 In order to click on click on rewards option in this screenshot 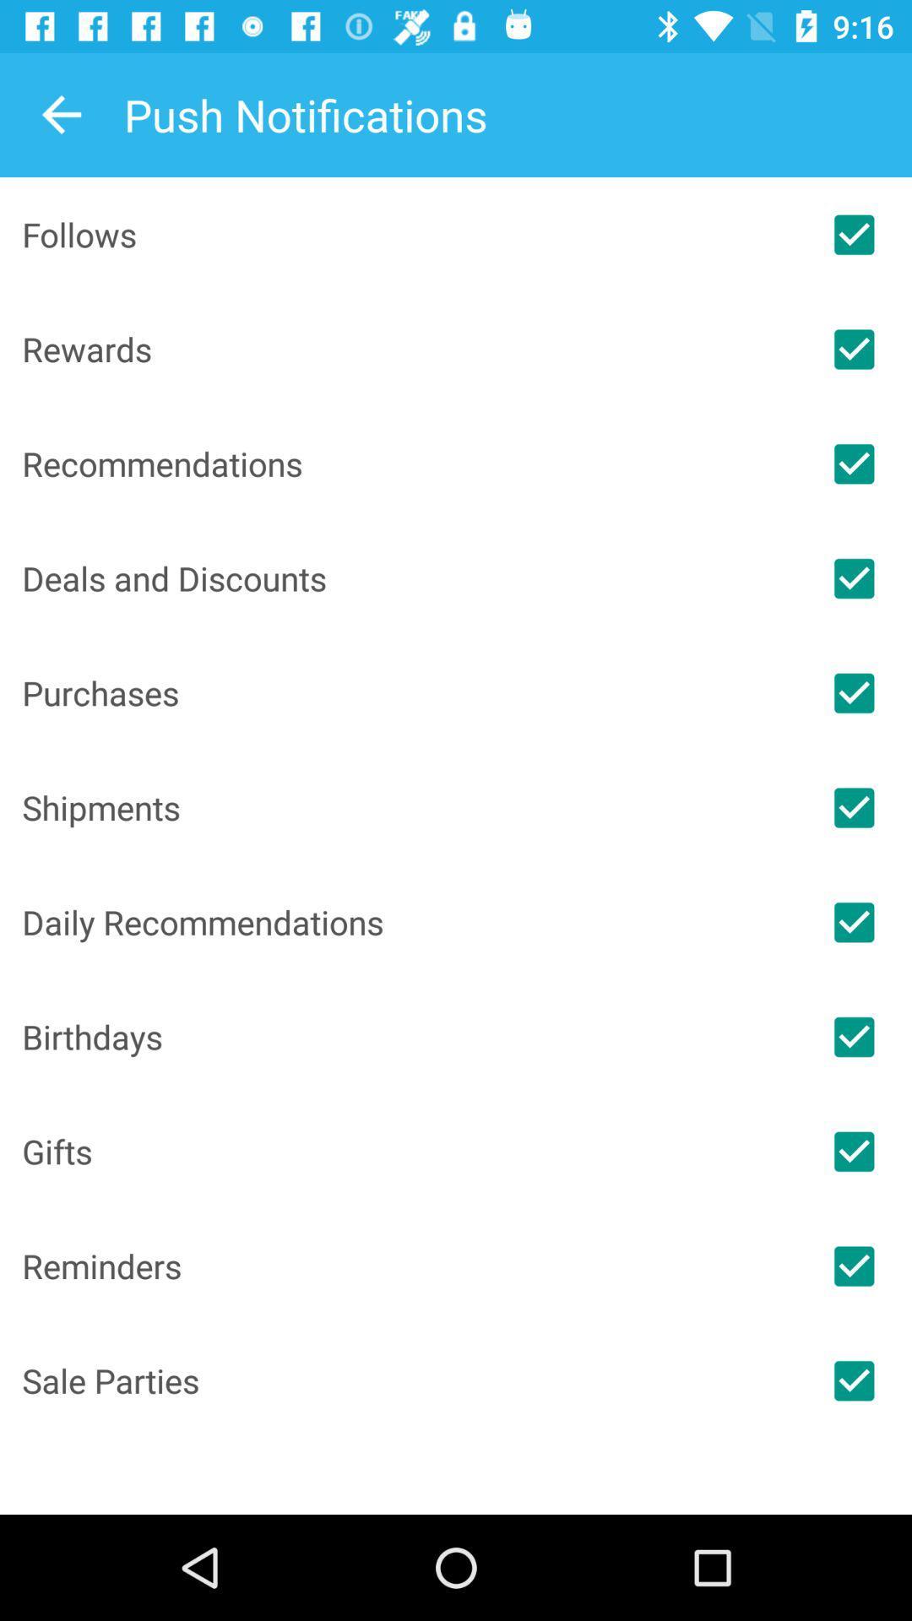, I will do `click(854, 348)`.